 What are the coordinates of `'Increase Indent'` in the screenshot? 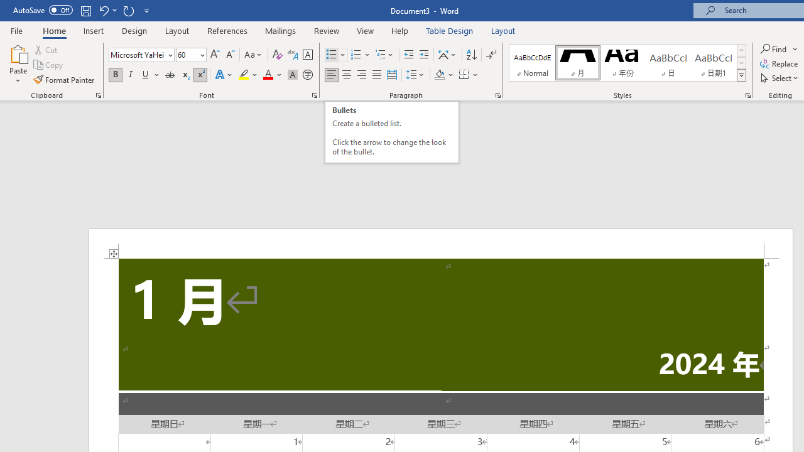 It's located at (424, 54).